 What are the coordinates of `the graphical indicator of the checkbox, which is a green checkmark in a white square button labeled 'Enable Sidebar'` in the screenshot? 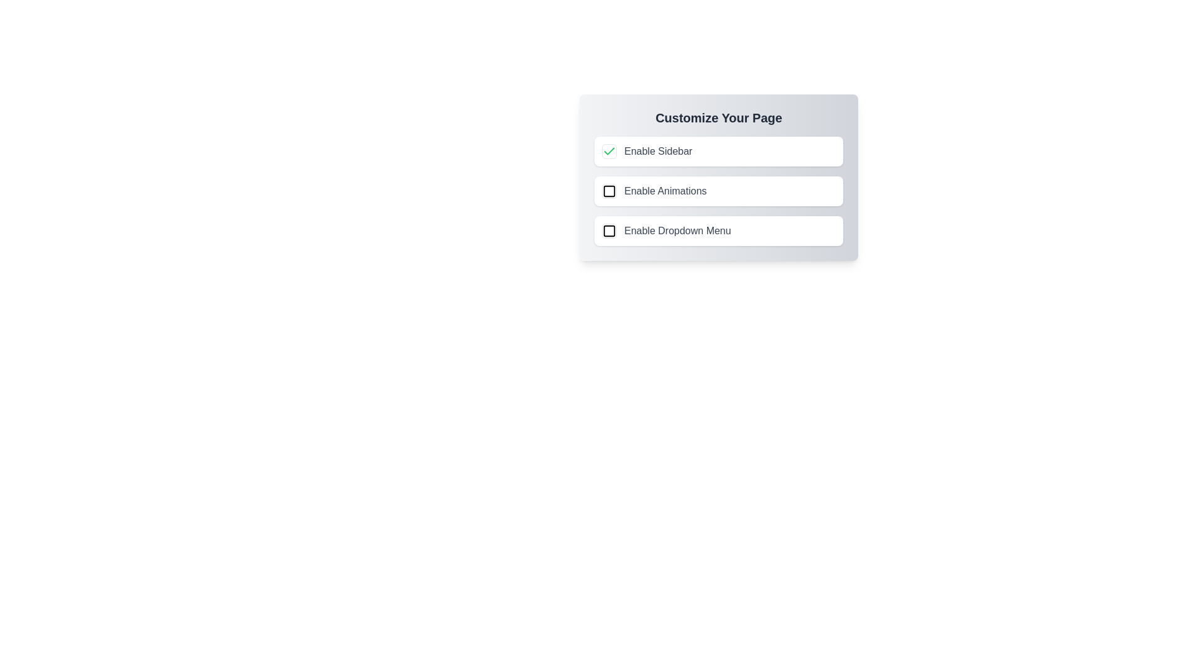 It's located at (609, 150).